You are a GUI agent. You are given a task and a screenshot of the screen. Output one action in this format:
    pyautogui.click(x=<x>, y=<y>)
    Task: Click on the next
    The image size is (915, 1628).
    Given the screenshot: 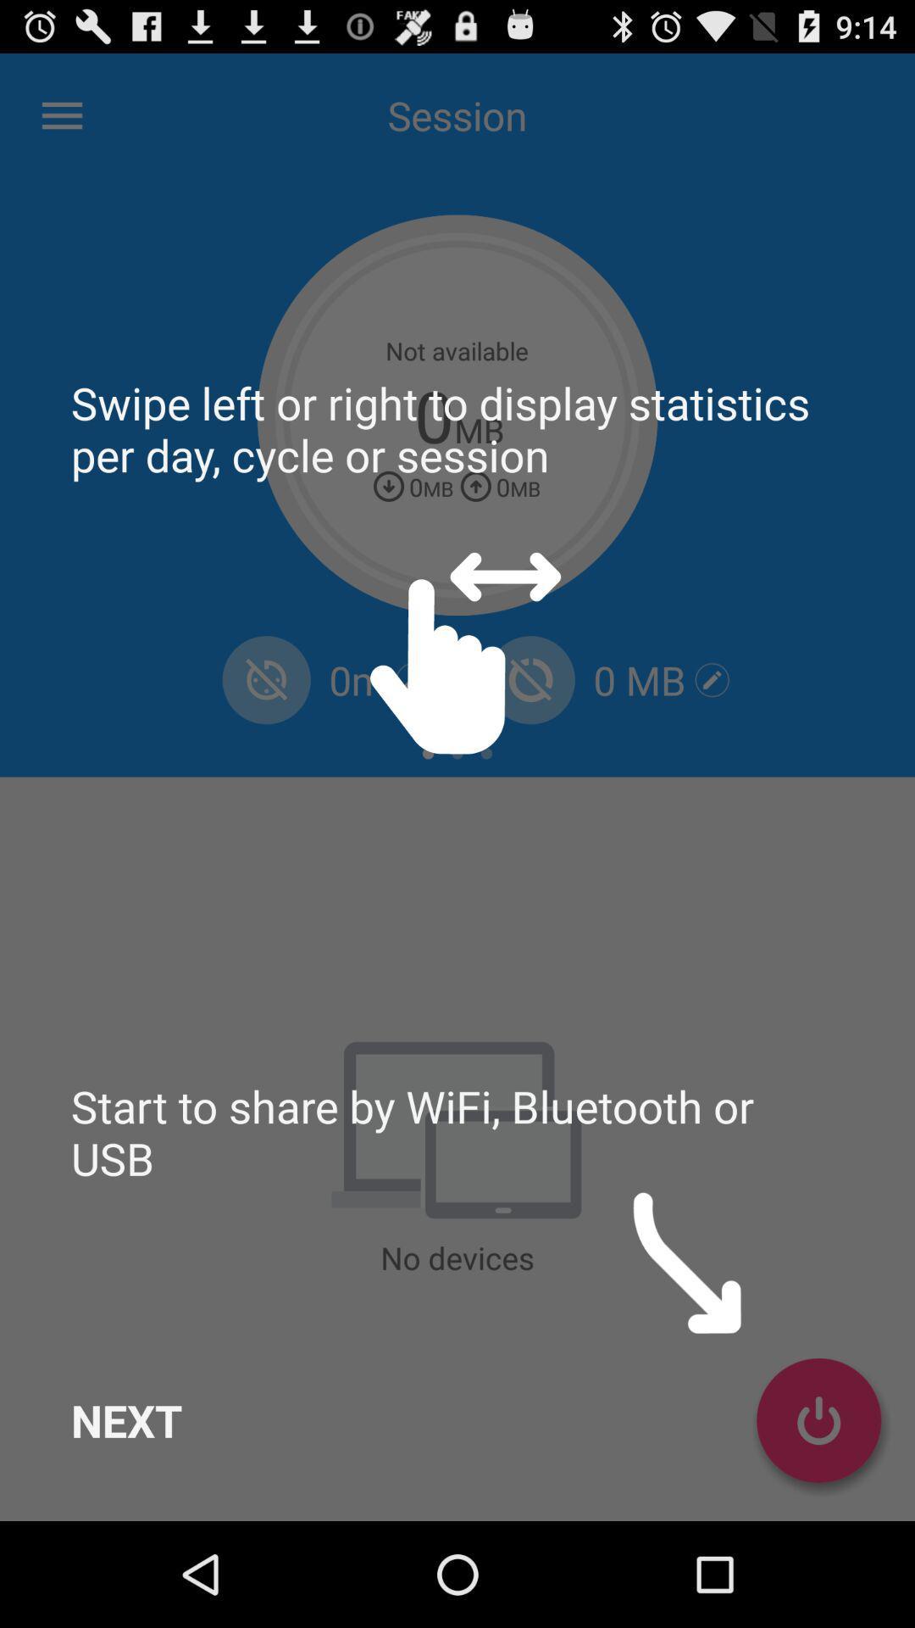 What is the action you would take?
    pyautogui.click(x=125, y=1420)
    